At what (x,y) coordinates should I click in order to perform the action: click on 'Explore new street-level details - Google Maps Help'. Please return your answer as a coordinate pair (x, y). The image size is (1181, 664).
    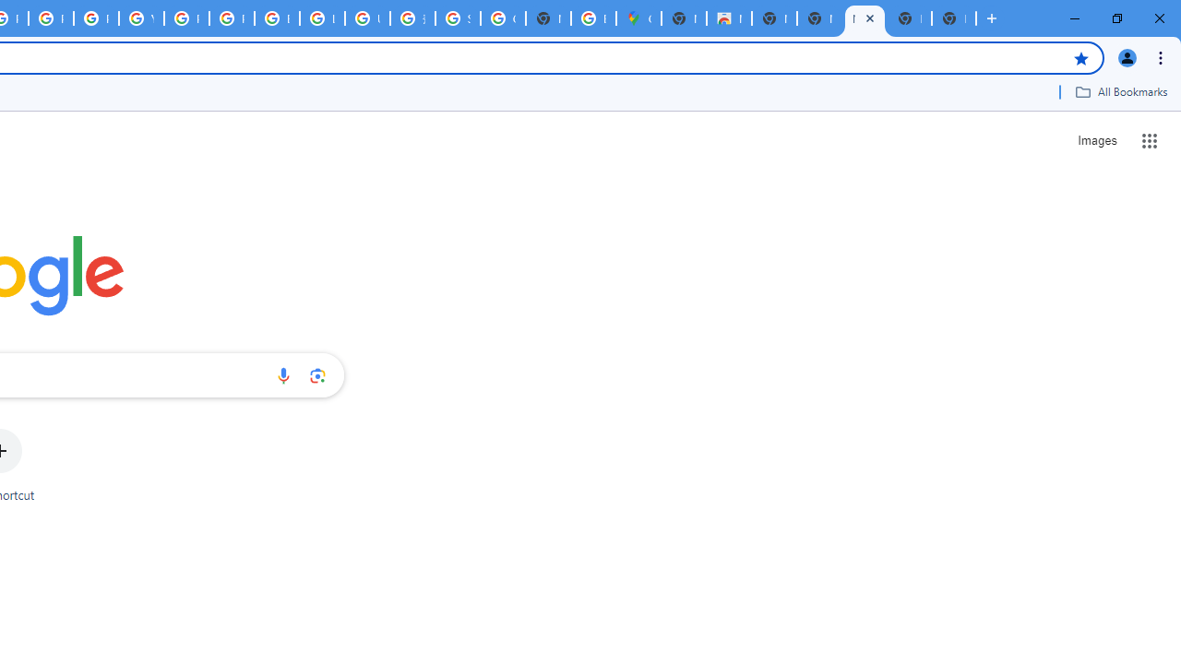
    Looking at the image, I should click on (593, 18).